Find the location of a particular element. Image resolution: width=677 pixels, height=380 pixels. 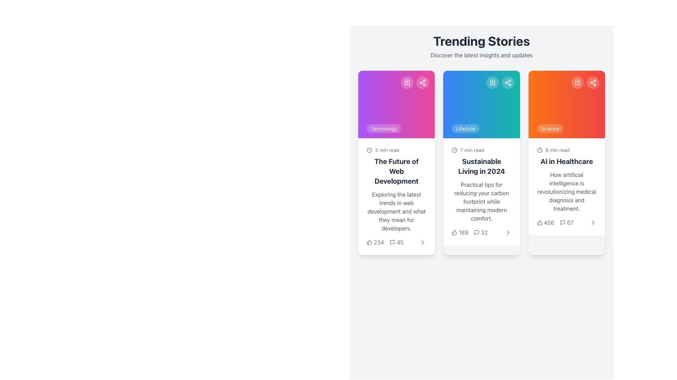

the 'Technology' category label located at the top-left corner of the first card in a set of three horizontally aligned cards is located at coordinates (384, 128).